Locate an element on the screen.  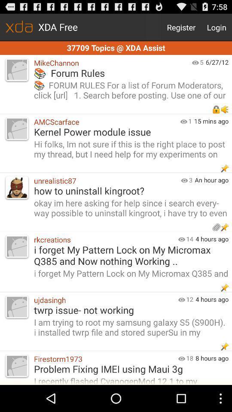
the item next to the register icon is located at coordinates (216, 27).